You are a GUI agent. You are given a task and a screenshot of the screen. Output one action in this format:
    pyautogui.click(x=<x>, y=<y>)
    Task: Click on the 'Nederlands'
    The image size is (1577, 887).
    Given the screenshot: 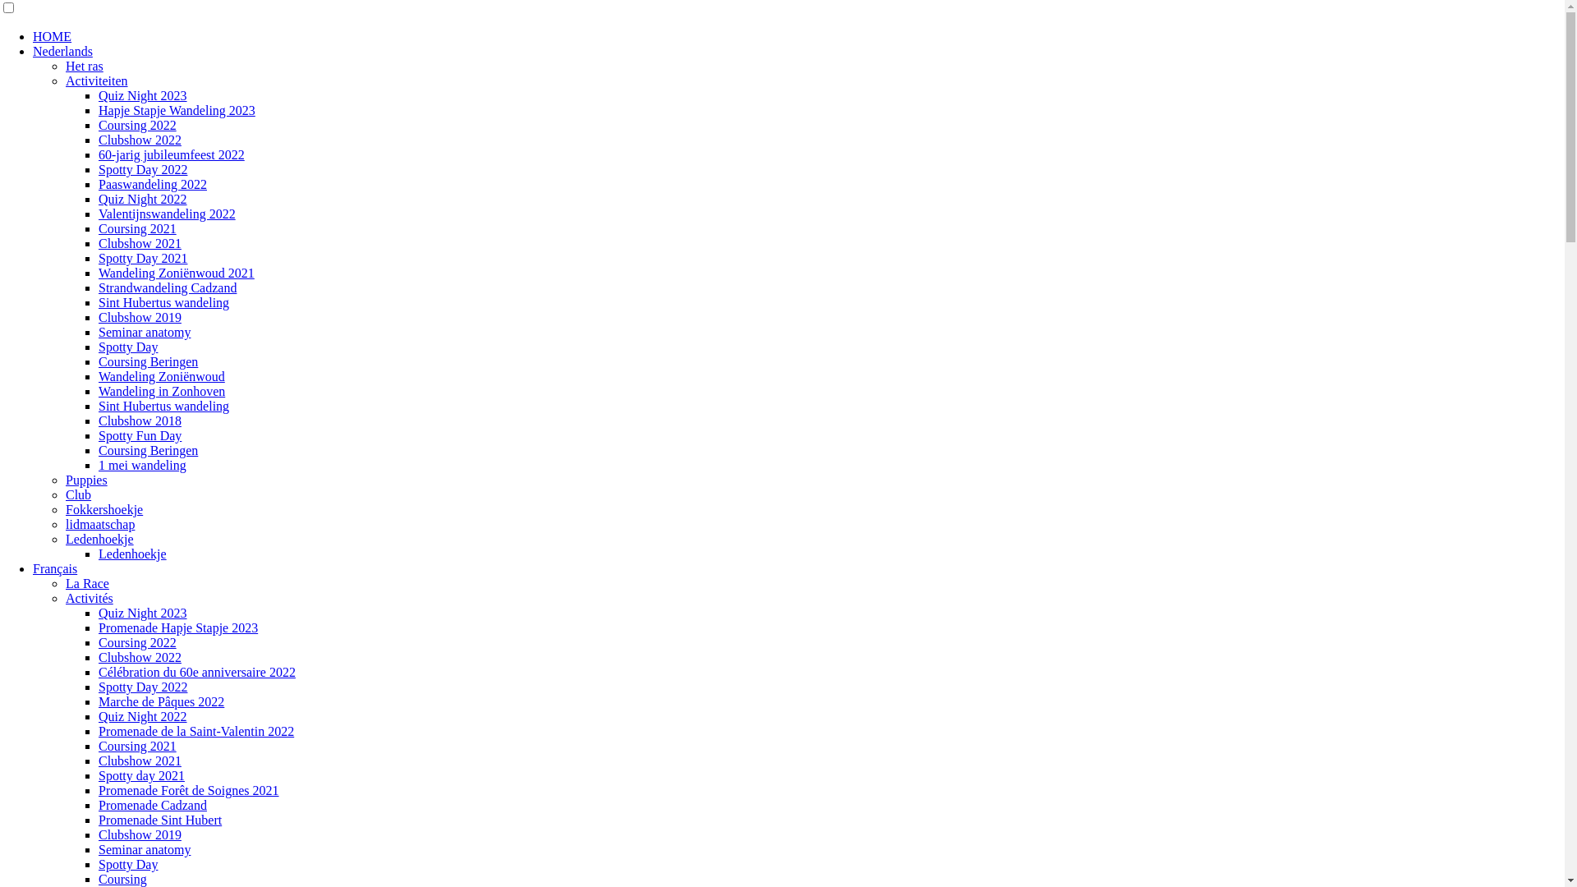 What is the action you would take?
    pyautogui.click(x=62, y=50)
    